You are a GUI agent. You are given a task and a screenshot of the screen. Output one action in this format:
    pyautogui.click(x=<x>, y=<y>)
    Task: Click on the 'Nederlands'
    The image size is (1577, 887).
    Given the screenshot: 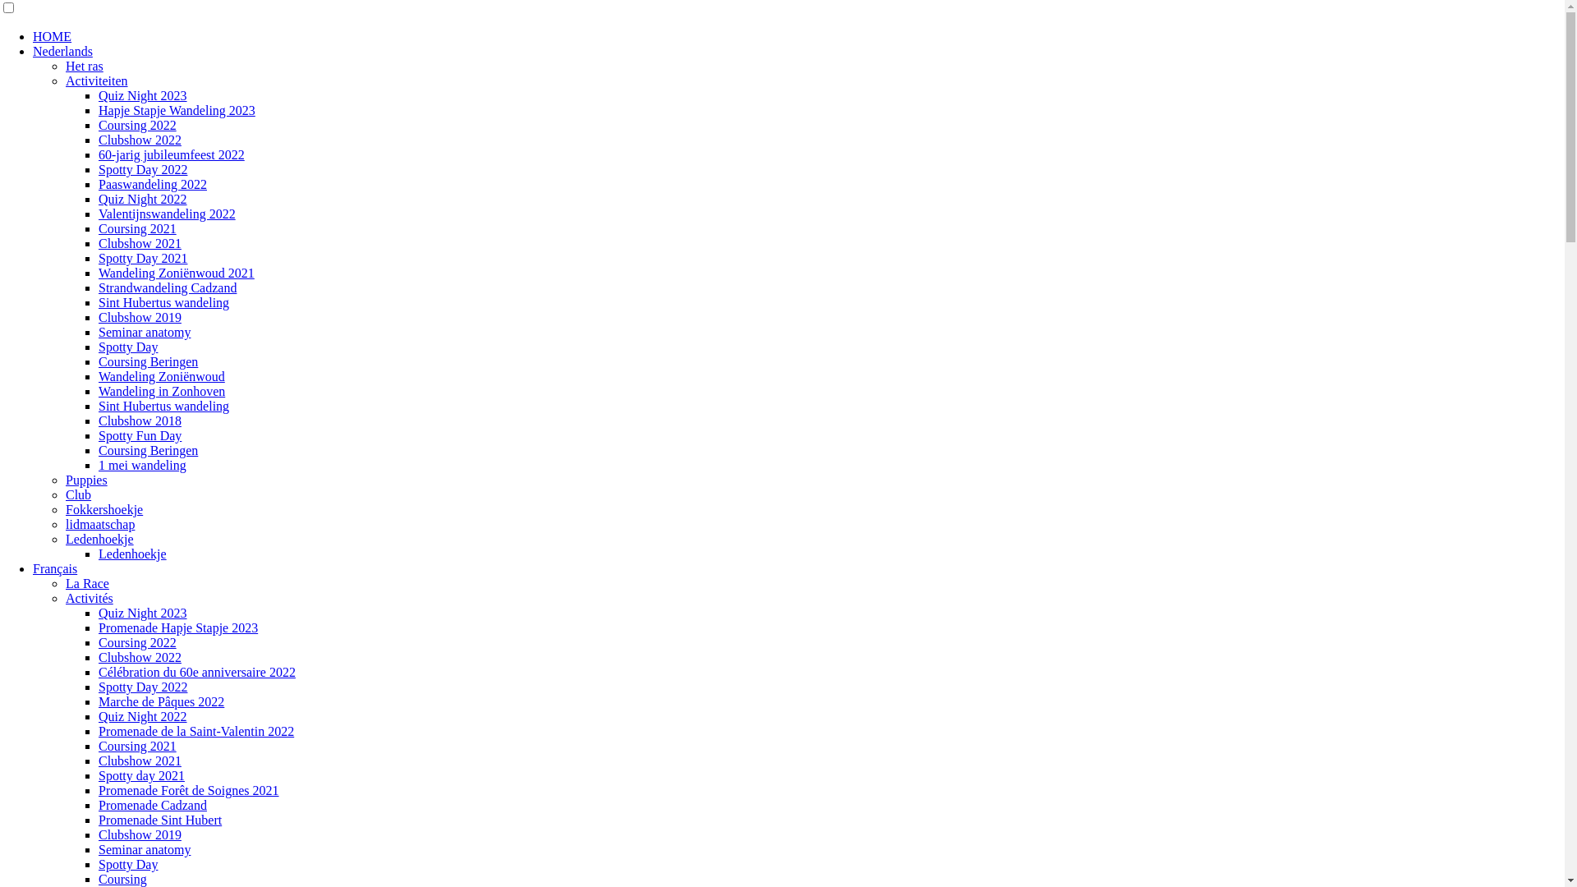 What is the action you would take?
    pyautogui.click(x=62, y=50)
    